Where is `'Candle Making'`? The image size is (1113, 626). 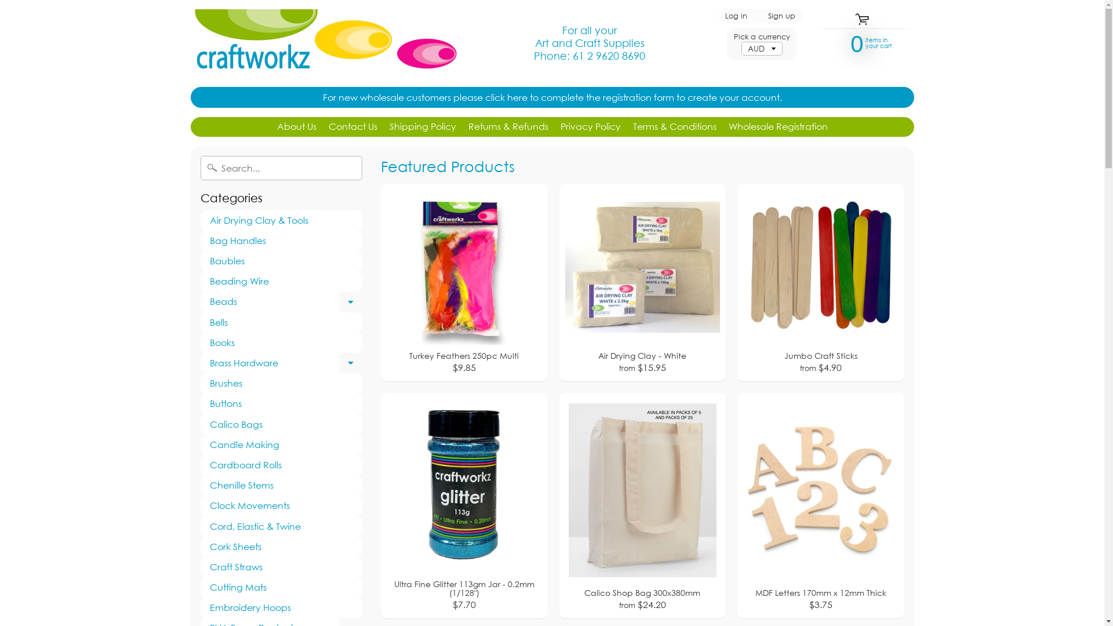
'Candle Making' is located at coordinates (281, 444).